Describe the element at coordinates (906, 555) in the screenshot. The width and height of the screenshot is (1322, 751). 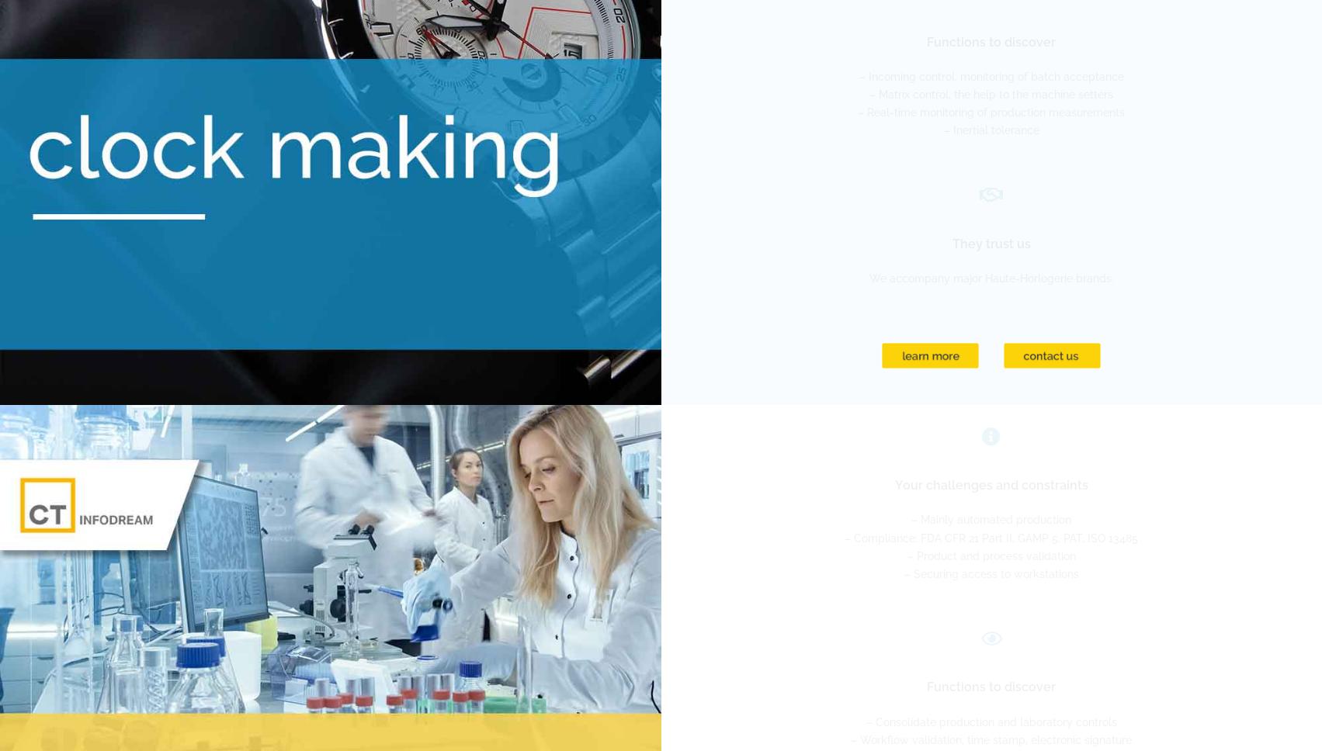
I see `'– Product and process validation'` at that location.